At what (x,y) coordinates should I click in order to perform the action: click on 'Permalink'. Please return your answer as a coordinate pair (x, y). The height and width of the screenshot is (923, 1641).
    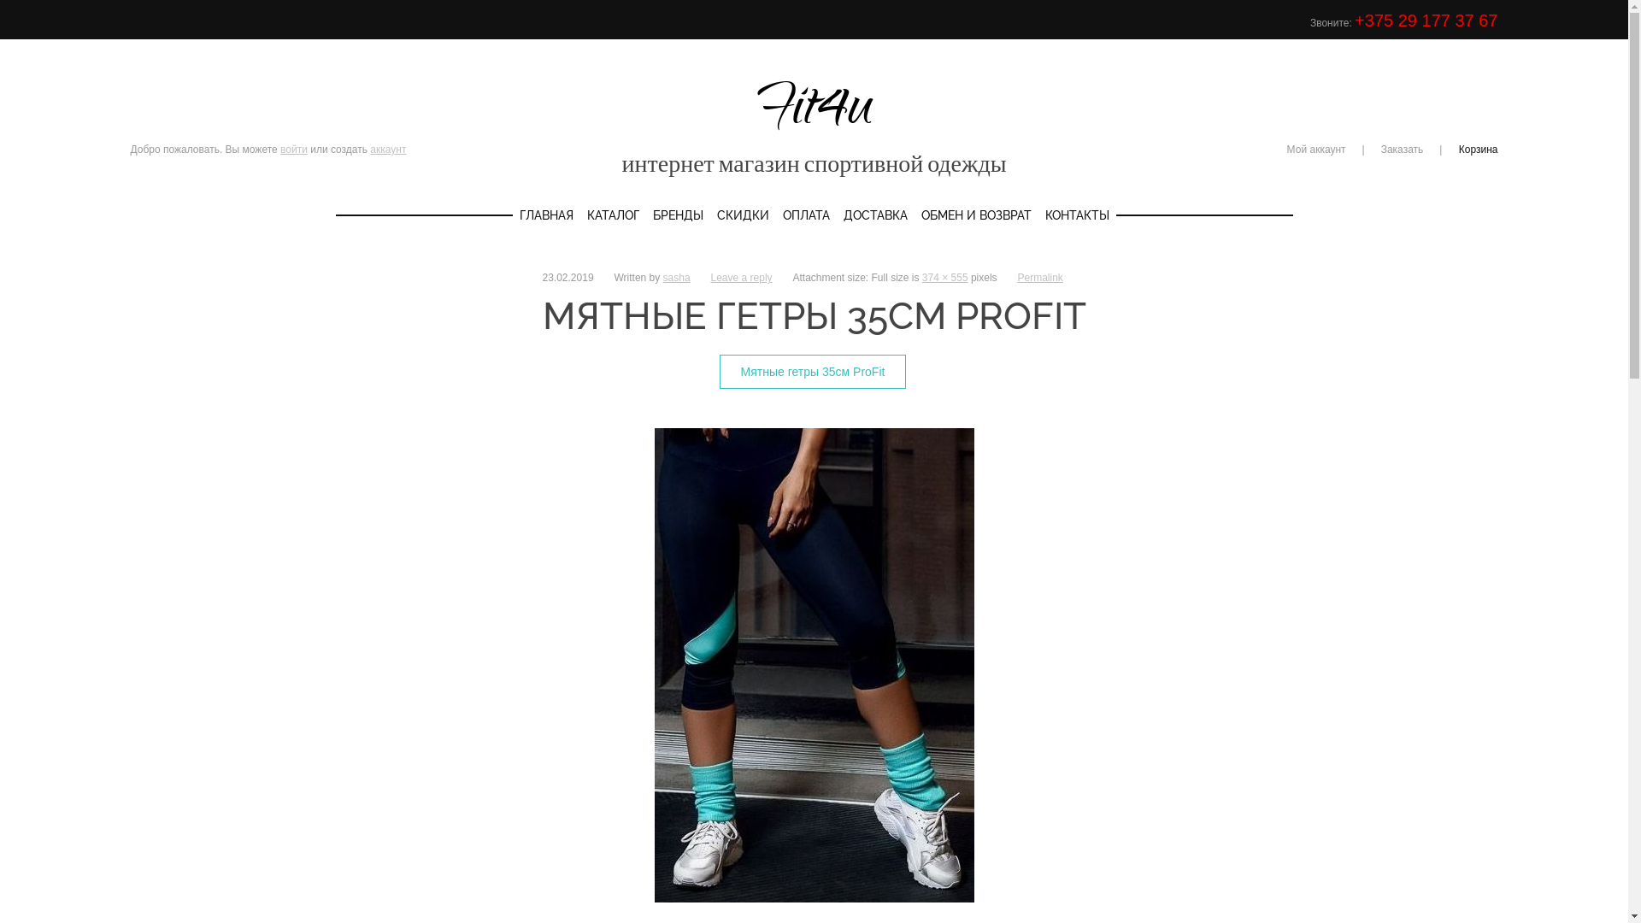
    Looking at the image, I should click on (1038, 276).